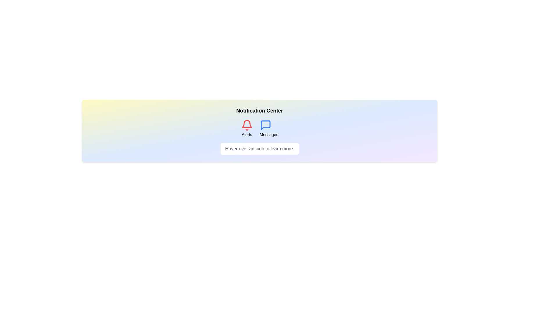 This screenshot has height=314, width=558. I want to click on the notification icon located in the 'Alerts' section, positioned to the left of the 'Messages' section, so click(247, 125).